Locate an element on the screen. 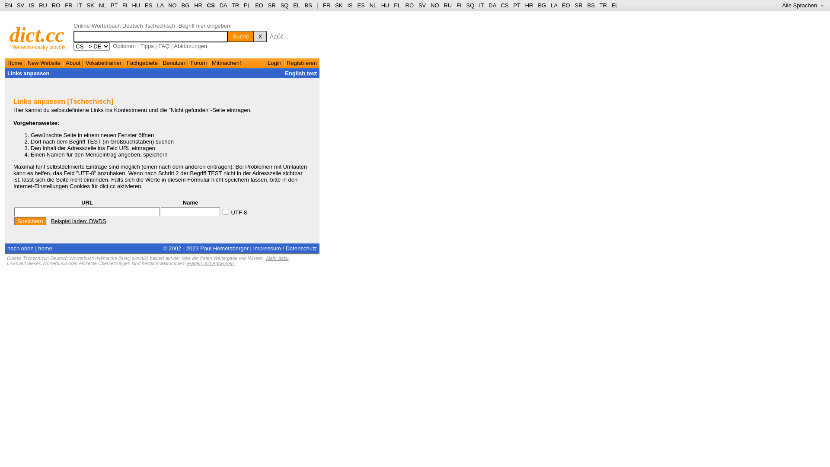 This screenshot has height=467, width=830. 'HU' is located at coordinates (381, 5).